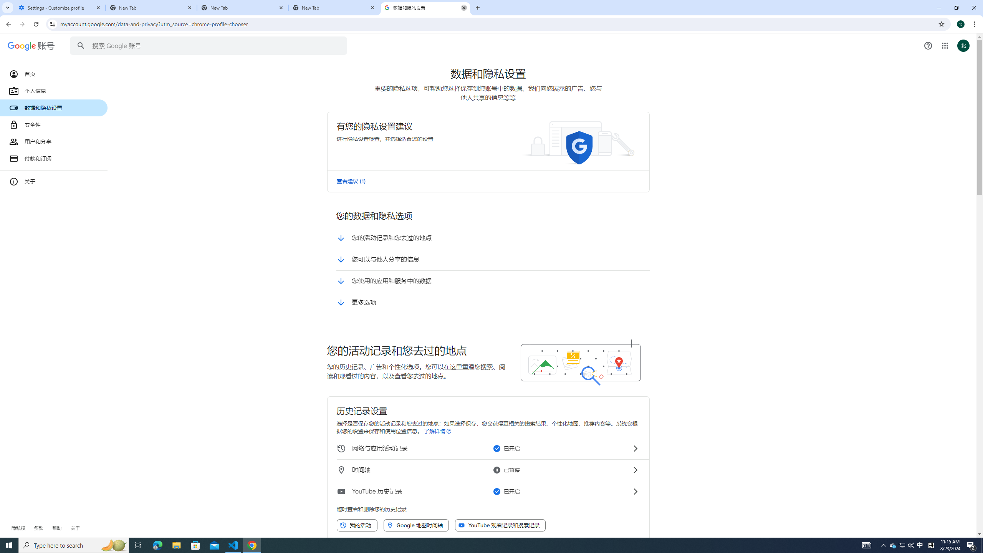 This screenshot has height=553, width=983. I want to click on 'New Tab', so click(242, 7).